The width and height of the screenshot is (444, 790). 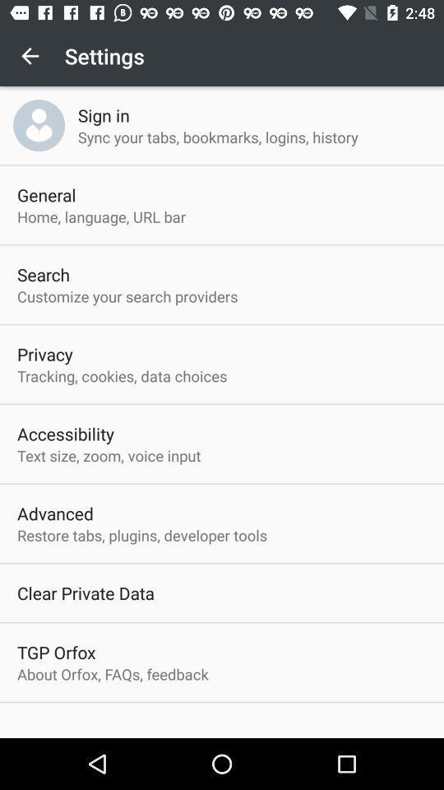 I want to click on item to the left of the settings item, so click(x=30, y=56).